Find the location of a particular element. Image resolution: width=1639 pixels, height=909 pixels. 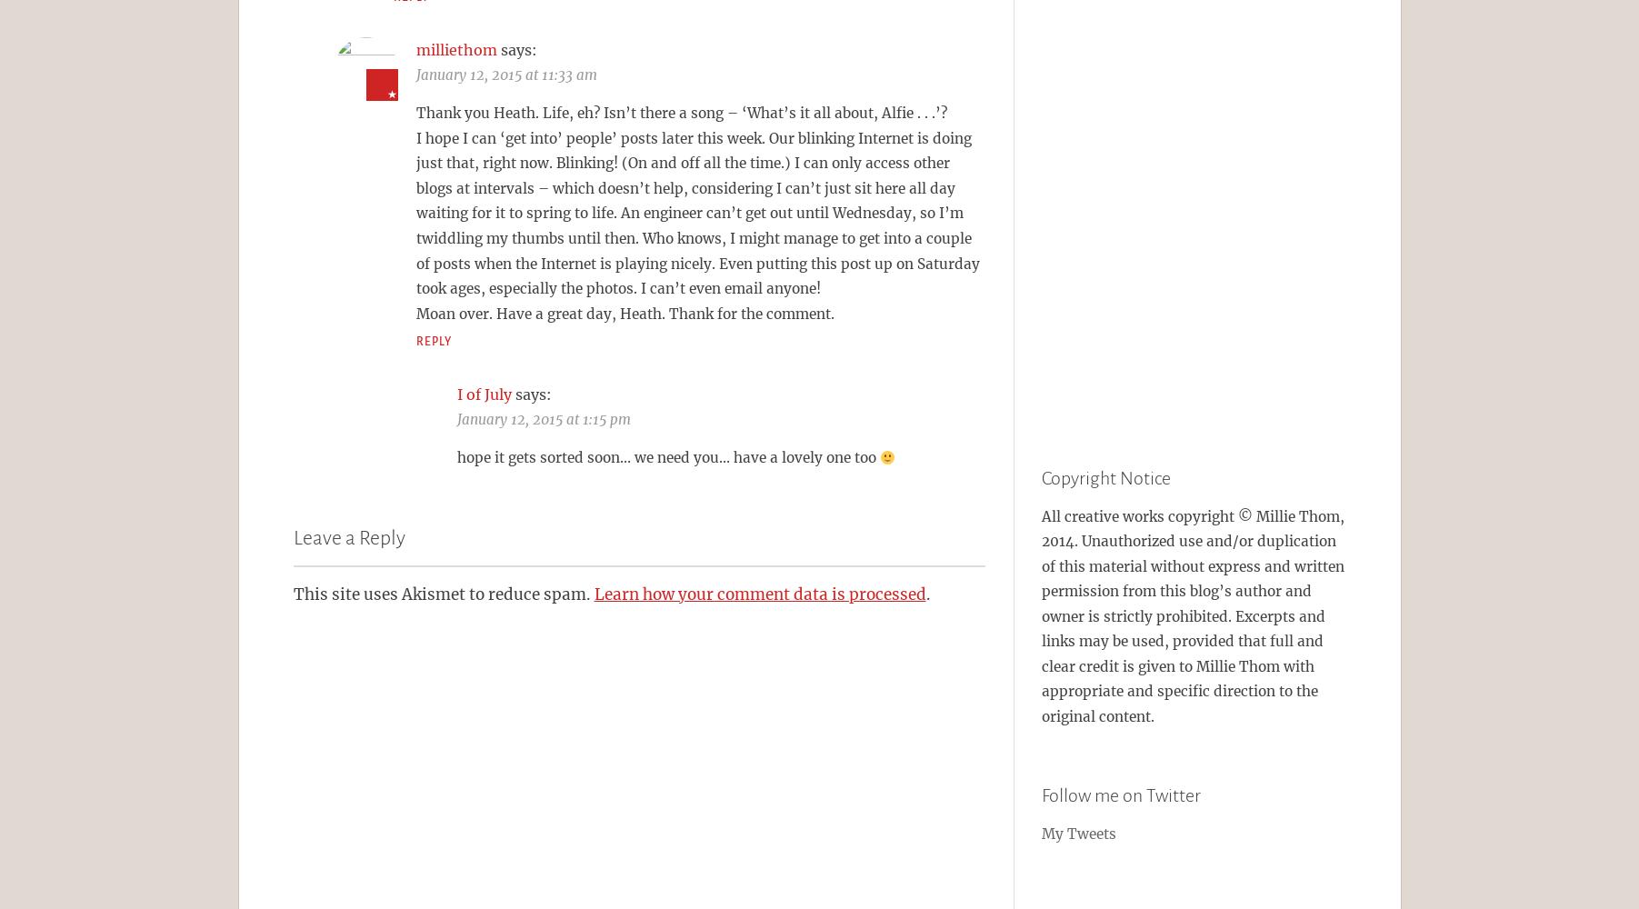

'Leave a Reply' is located at coordinates (347, 537).